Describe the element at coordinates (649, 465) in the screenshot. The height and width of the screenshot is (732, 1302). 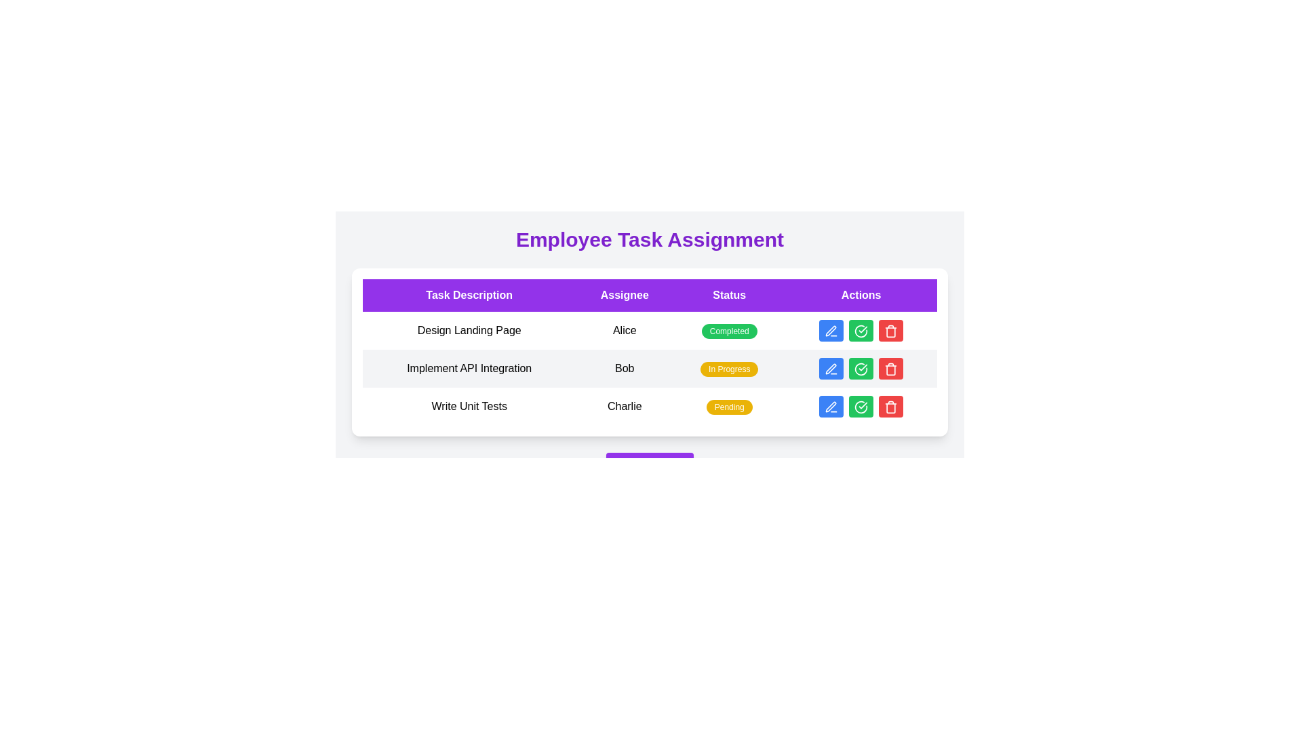
I see `the 'Add Task' button located at the bottom center of the interface` at that location.